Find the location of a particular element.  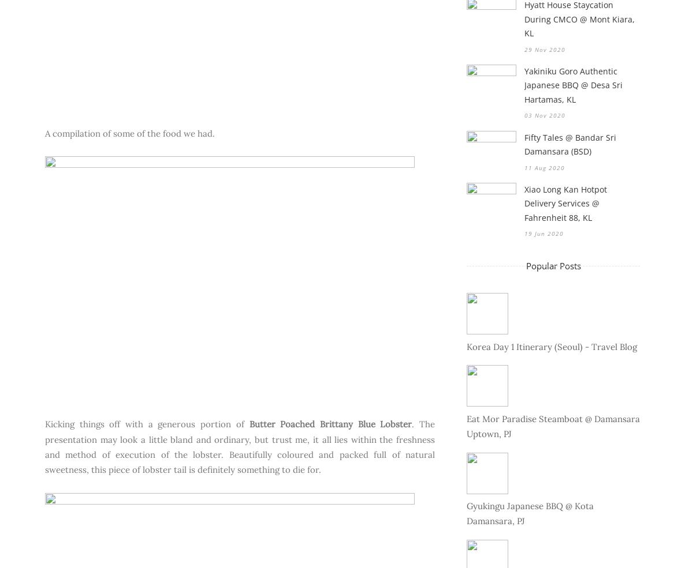

'Korea Day 1 Itinerary (Seoul) - Travel Blog' is located at coordinates (551, 345).